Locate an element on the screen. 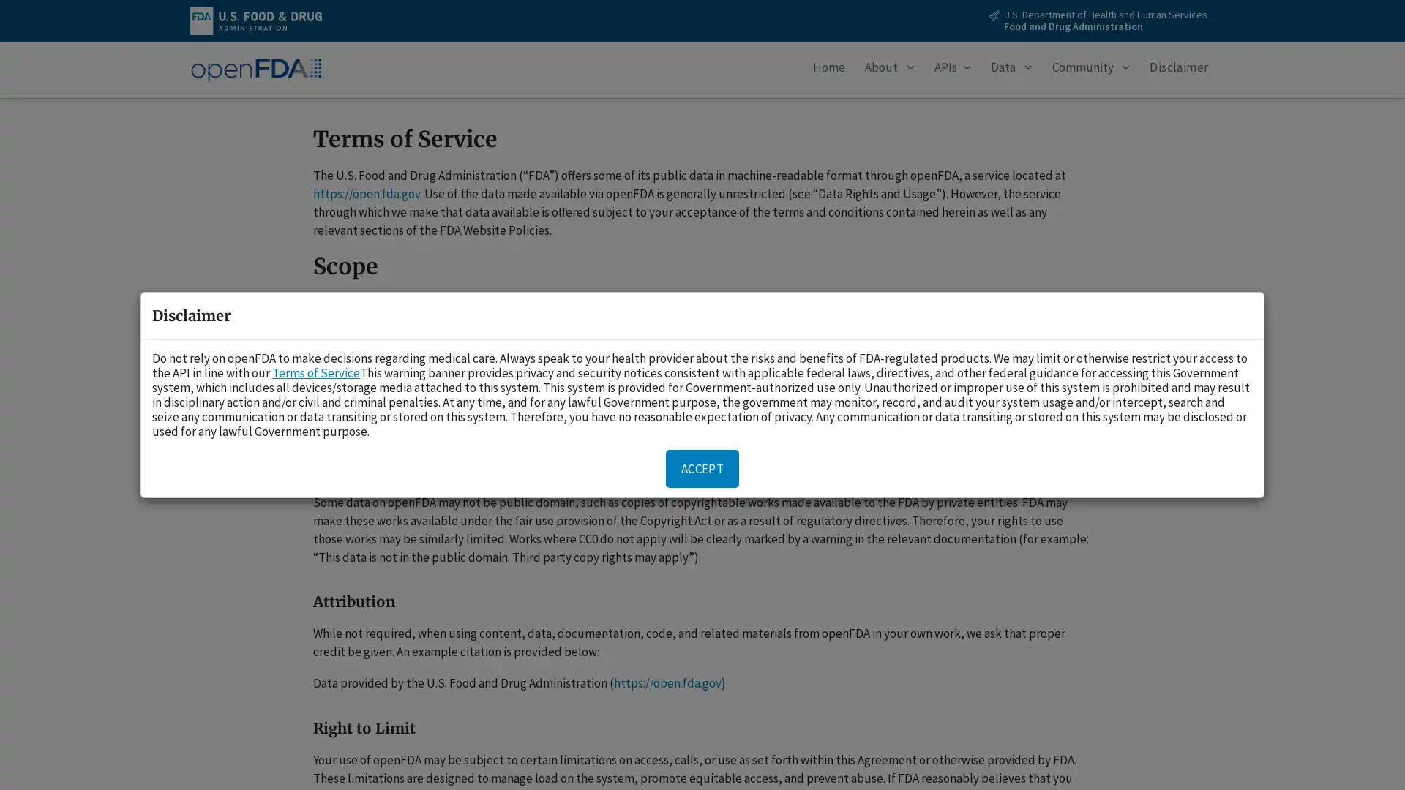 The height and width of the screenshot is (790, 1405). Disclaimer is located at coordinates (1179, 70).